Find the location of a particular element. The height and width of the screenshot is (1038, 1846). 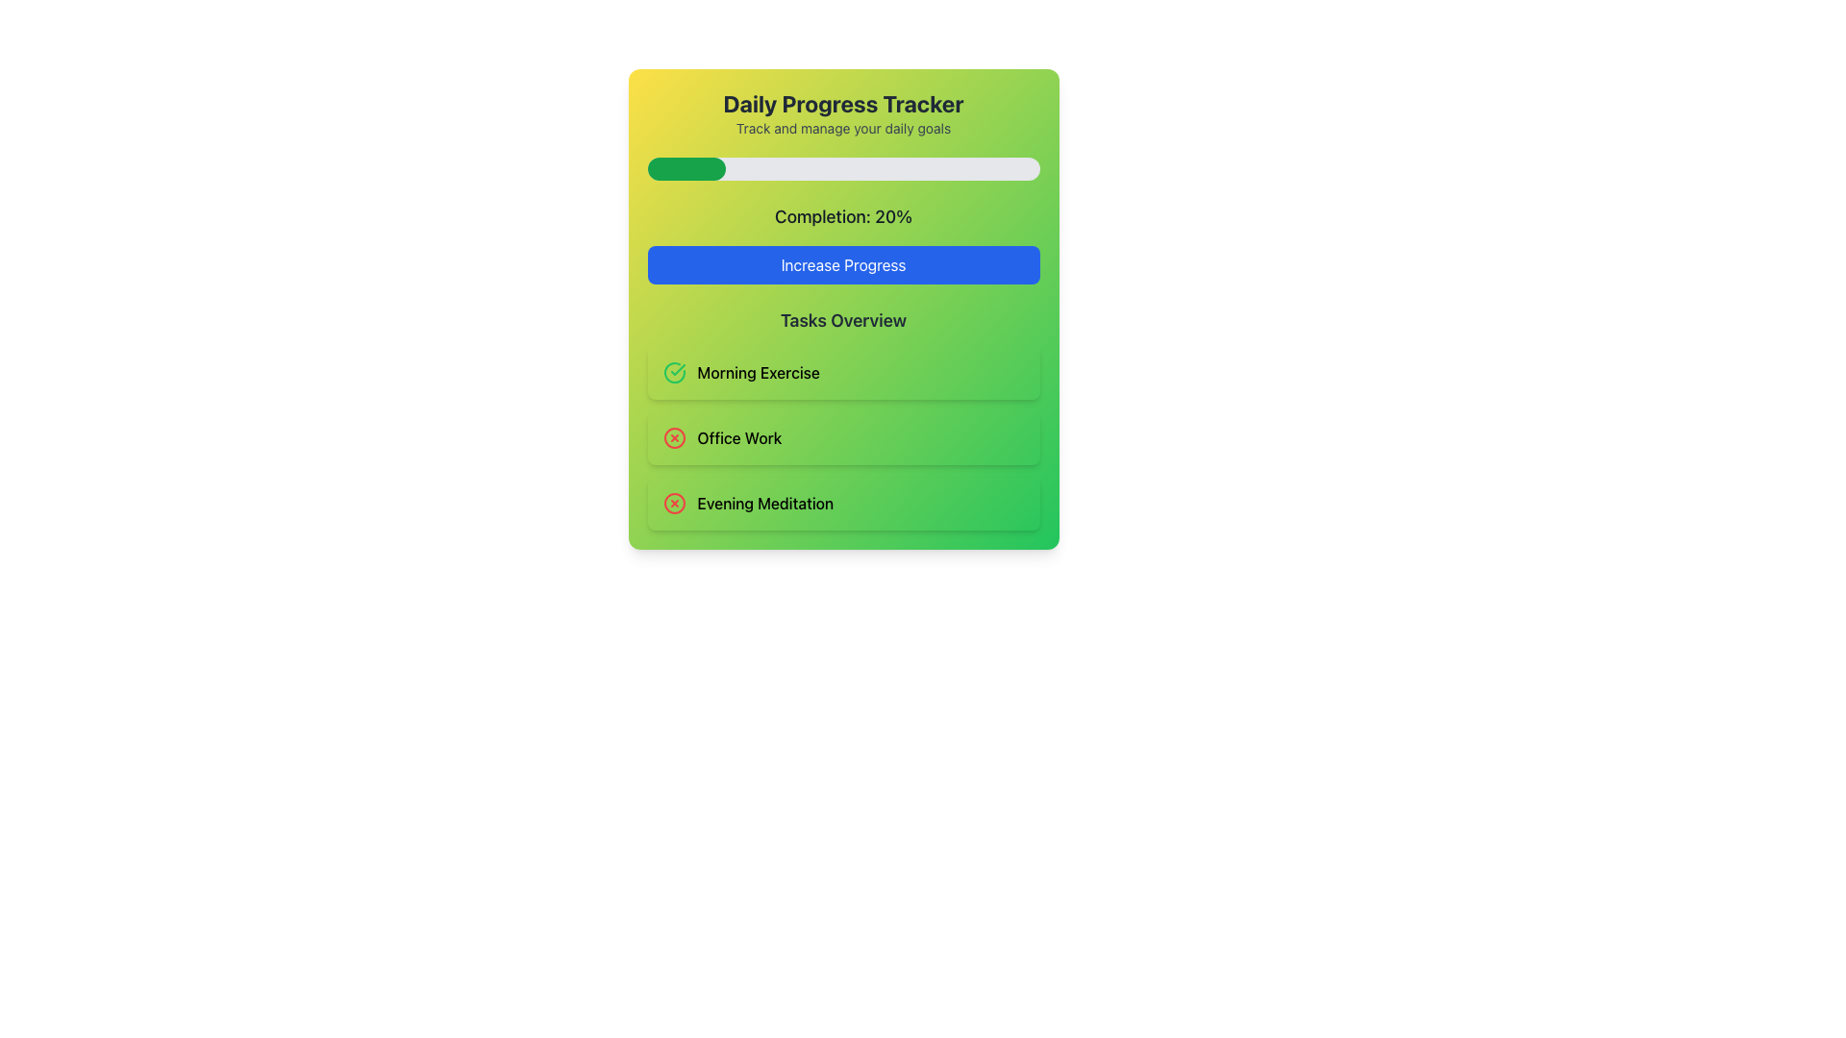

the status icon representing the office work task, located to the left of the label 'Office Work' is located at coordinates (674, 437).